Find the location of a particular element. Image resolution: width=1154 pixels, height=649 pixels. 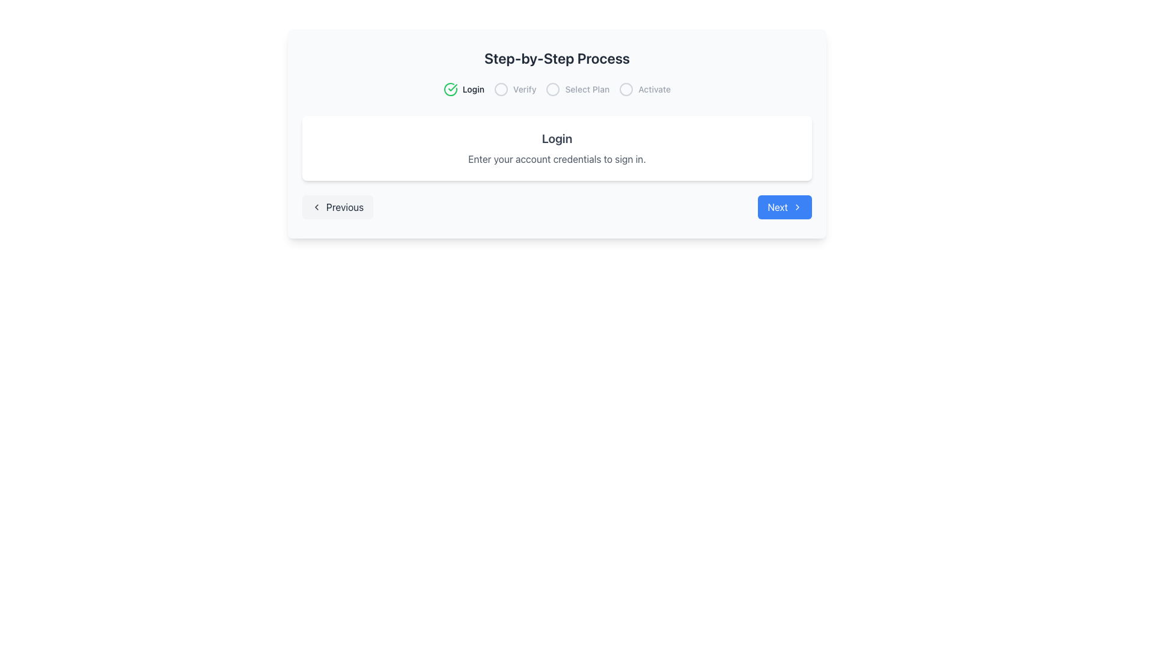

the radio button styled as a circular icon with a gray stroke, located next to the text 'Select Plan' is located at coordinates (552, 89).